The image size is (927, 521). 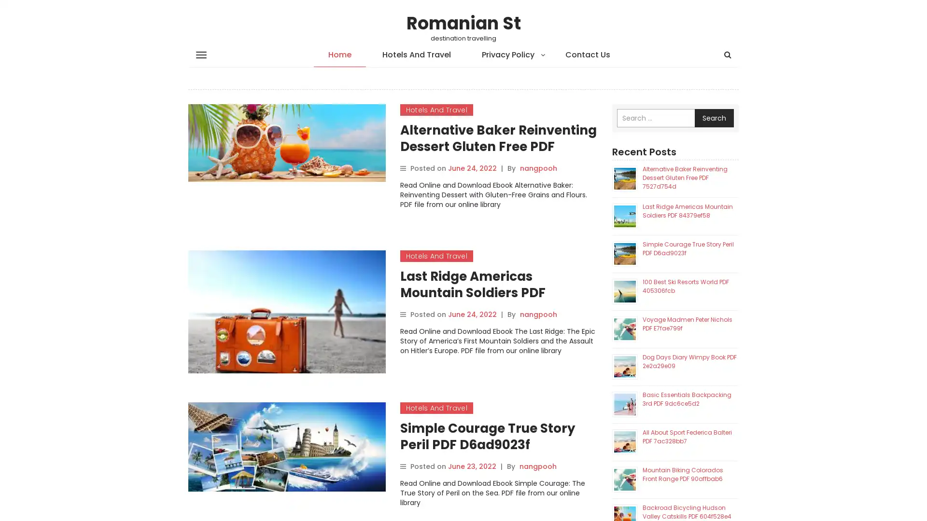 I want to click on Search, so click(x=714, y=118).